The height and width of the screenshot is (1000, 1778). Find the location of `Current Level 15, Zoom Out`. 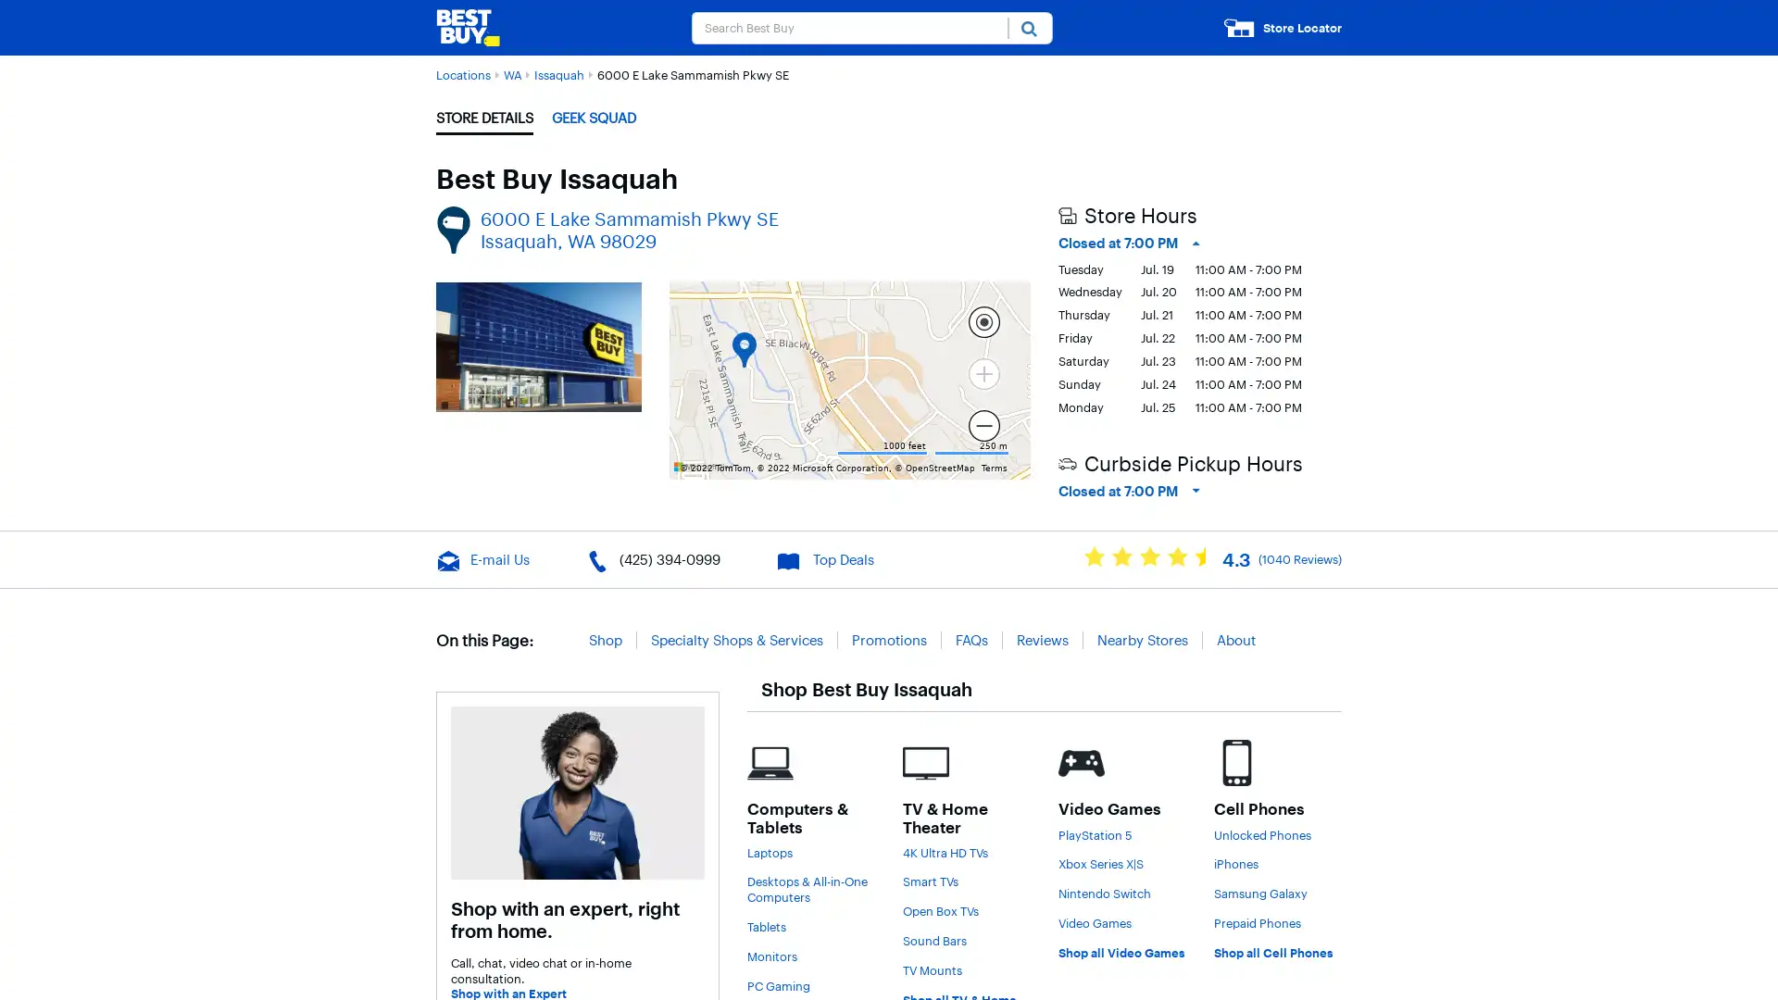

Current Level 15, Zoom Out is located at coordinates (983, 425).